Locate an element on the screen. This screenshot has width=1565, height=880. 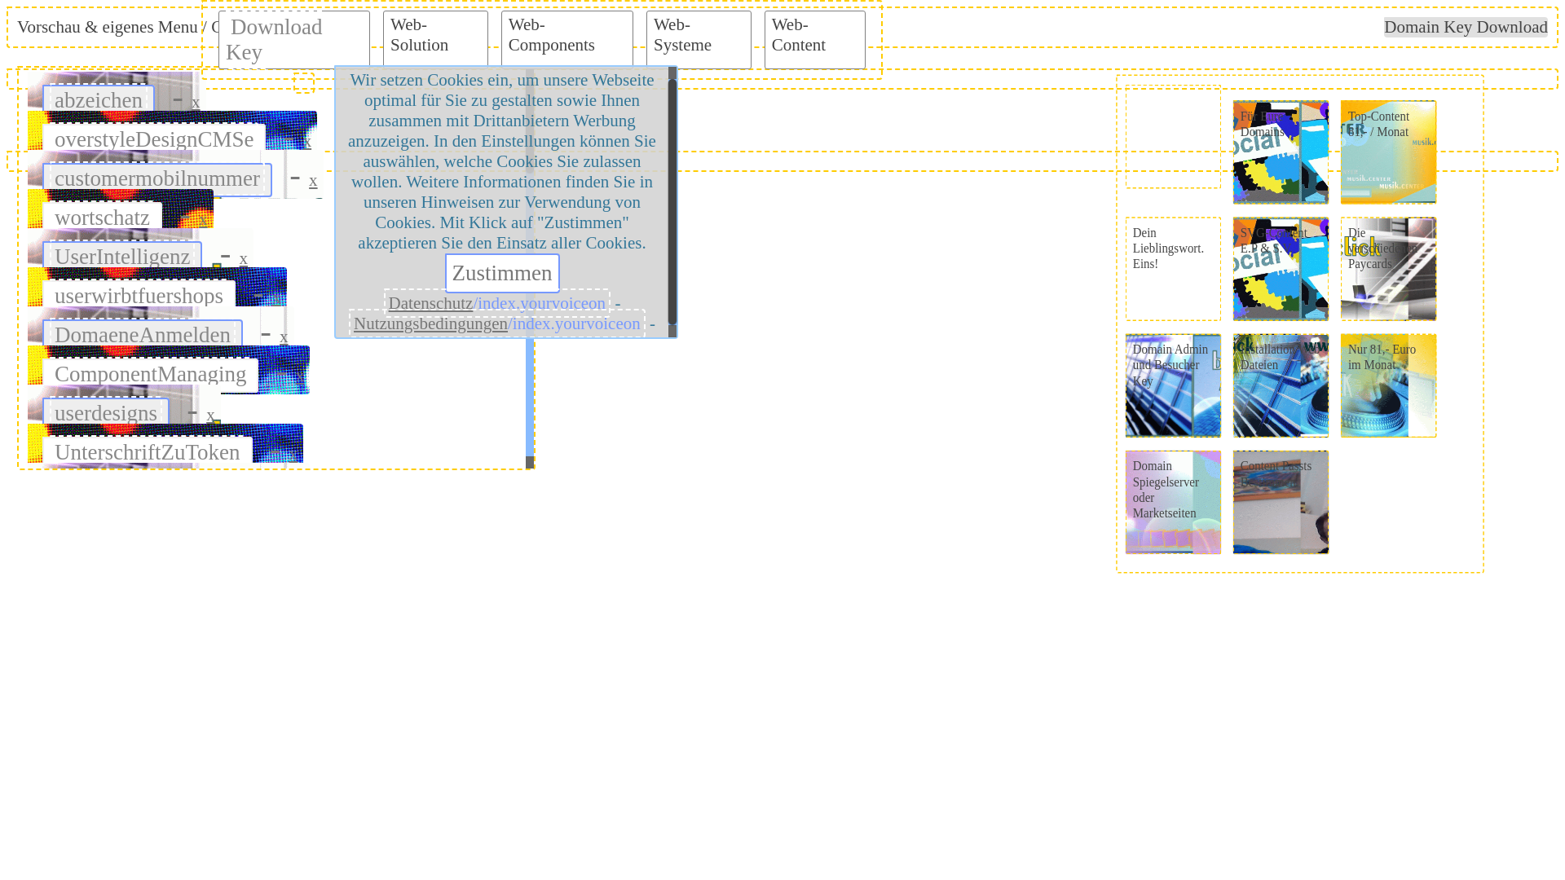
'userdesigns' is located at coordinates (104, 411).